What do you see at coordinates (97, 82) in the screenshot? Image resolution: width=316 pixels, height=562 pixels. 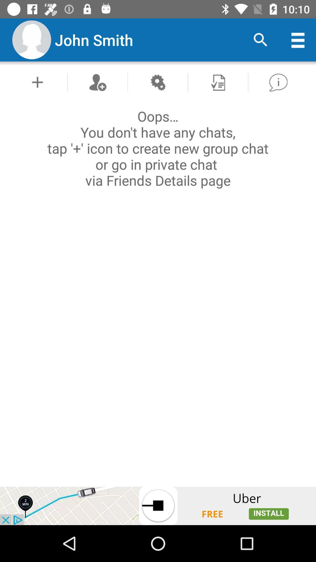 I see `the follow icon` at bounding box center [97, 82].